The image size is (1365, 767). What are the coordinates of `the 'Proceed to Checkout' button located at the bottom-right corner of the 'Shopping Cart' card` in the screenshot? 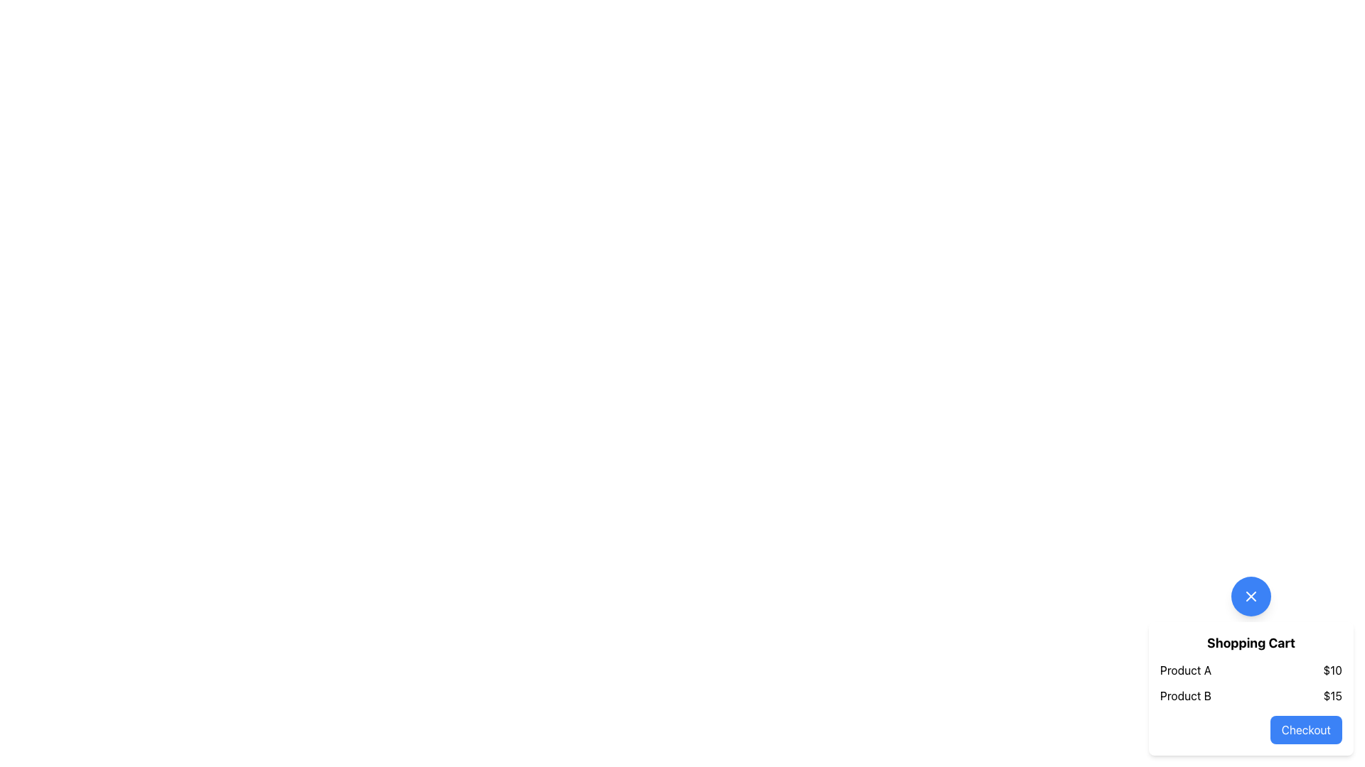 It's located at (1251, 730).